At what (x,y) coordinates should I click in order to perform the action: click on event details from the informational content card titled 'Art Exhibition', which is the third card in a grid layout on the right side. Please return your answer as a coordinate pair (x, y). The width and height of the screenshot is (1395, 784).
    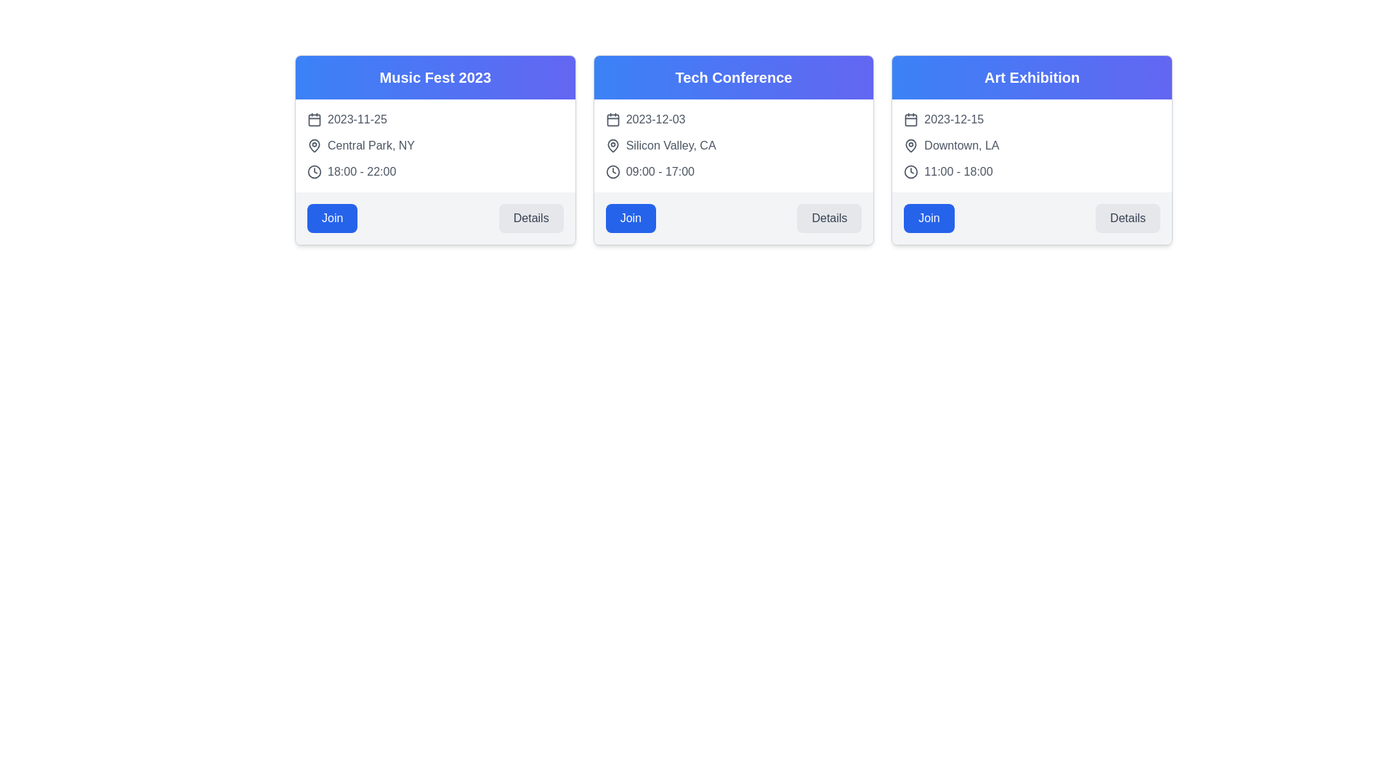
    Looking at the image, I should click on (1031, 150).